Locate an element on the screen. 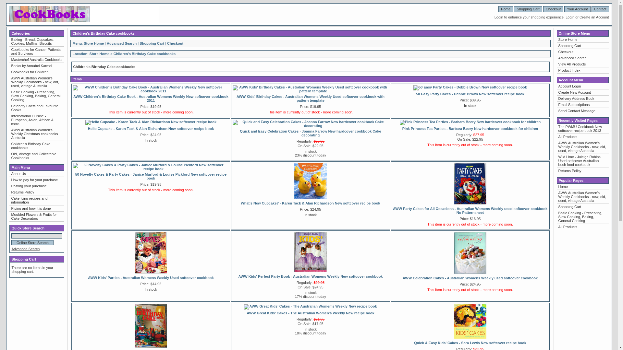 The height and width of the screenshot is (350, 623). 'Send Contact Message' is located at coordinates (582, 111).